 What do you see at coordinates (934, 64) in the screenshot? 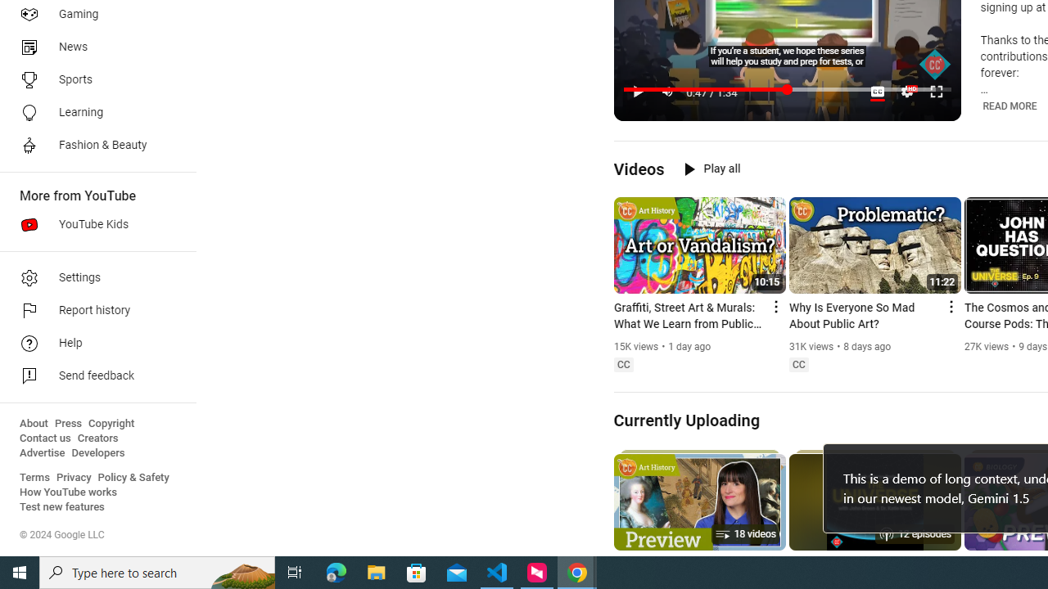
I see `'Channel watermark'` at bounding box center [934, 64].